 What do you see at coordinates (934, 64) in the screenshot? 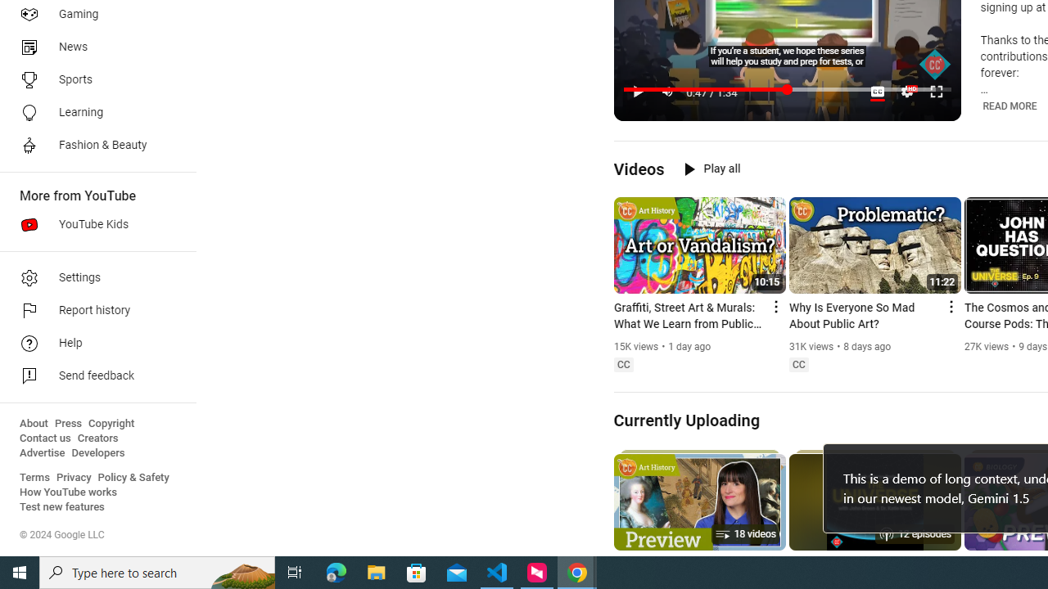
I see `'Channel watermark'` at bounding box center [934, 64].